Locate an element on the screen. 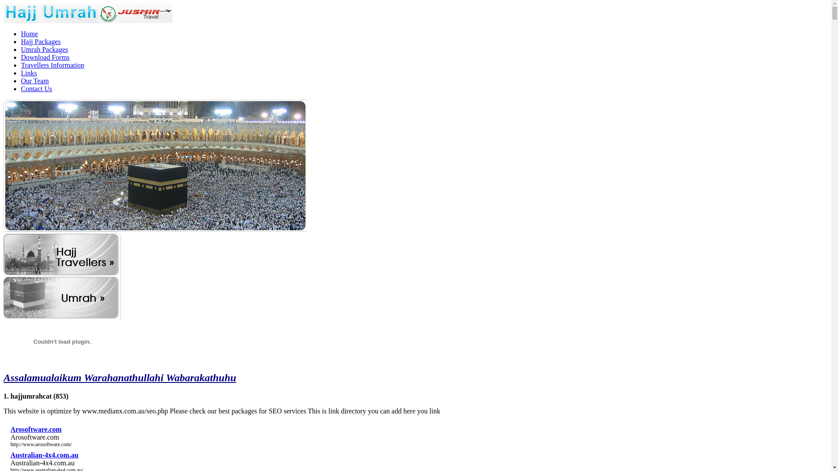 Image resolution: width=838 pixels, height=471 pixels. 'Download Forms' is located at coordinates (21, 57).